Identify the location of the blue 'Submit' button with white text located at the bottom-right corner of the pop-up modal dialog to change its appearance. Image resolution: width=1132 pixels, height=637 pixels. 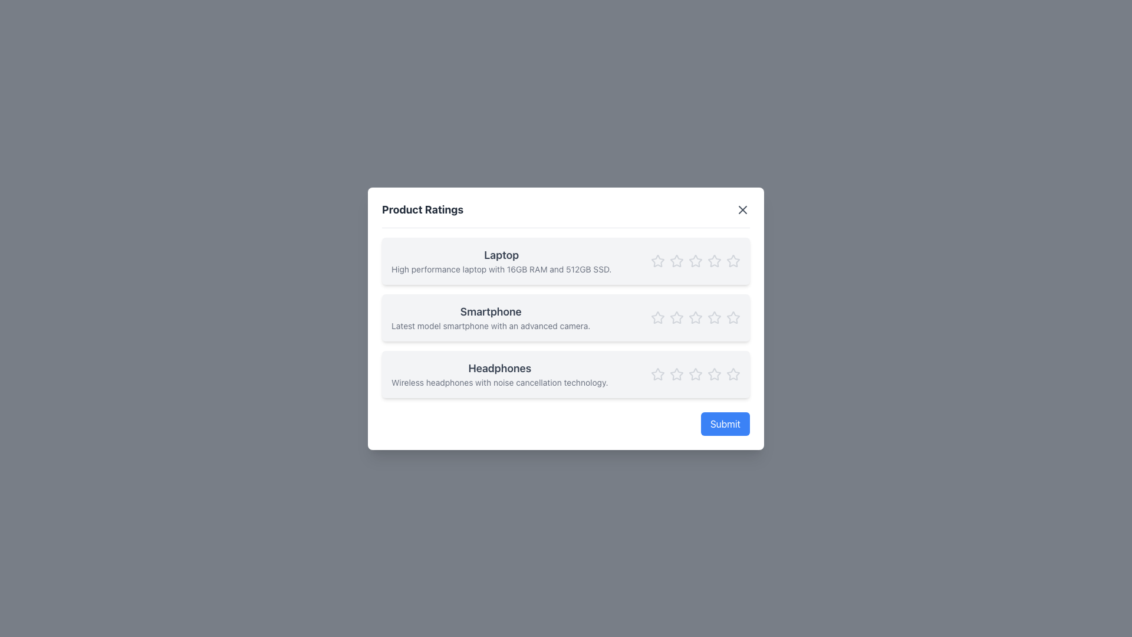
(725, 423).